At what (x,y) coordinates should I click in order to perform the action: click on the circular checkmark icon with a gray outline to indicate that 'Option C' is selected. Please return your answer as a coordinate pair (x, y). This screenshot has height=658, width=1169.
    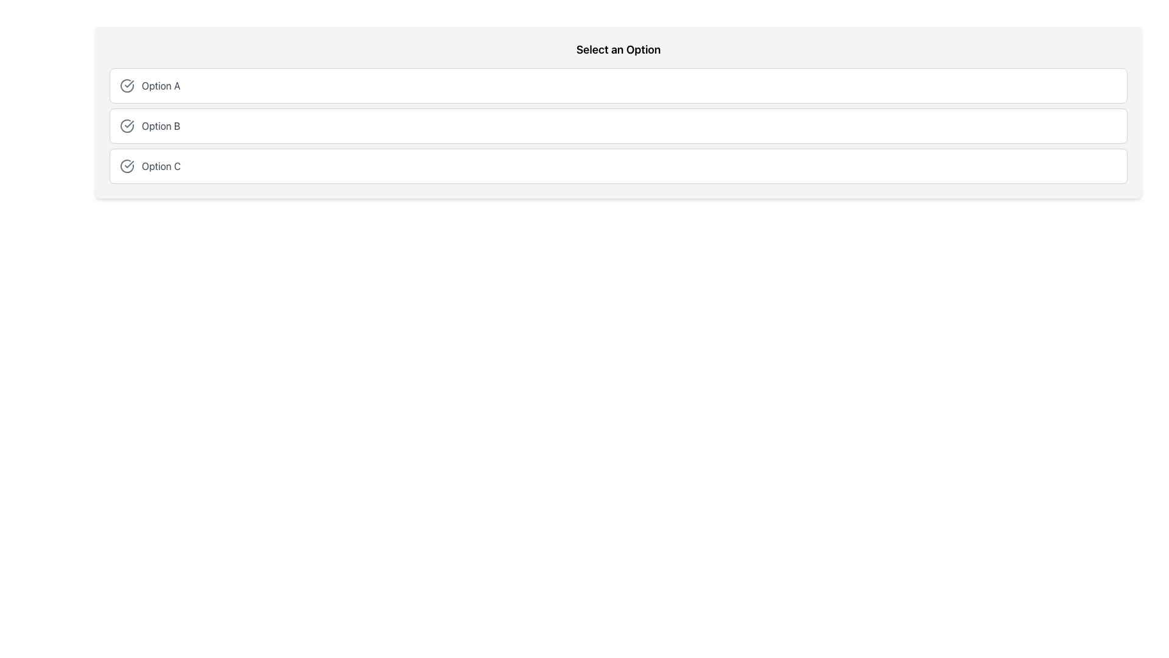
    Looking at the image, I should click on (127, 166).